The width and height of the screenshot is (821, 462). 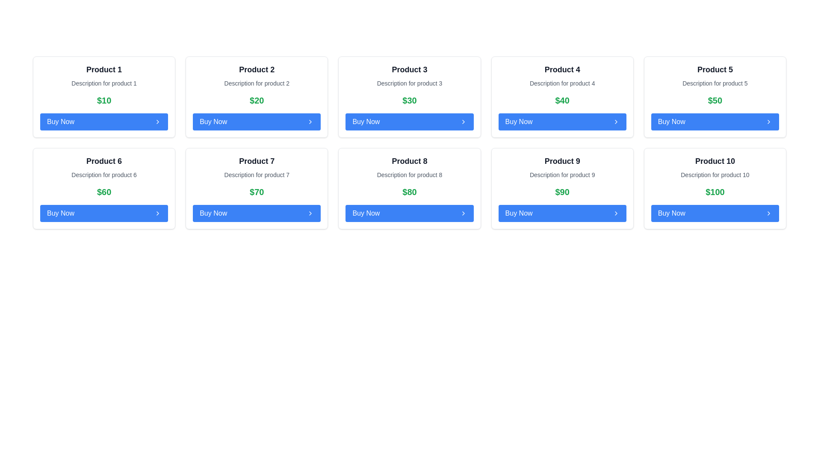 What do you see at coordinates (616, 213) in the screenshot?
I see `the right-pointing chevron icon located at the rightmost side of the 'Buy Now' button for 'Product 9'` at bounding box center [616, 213].